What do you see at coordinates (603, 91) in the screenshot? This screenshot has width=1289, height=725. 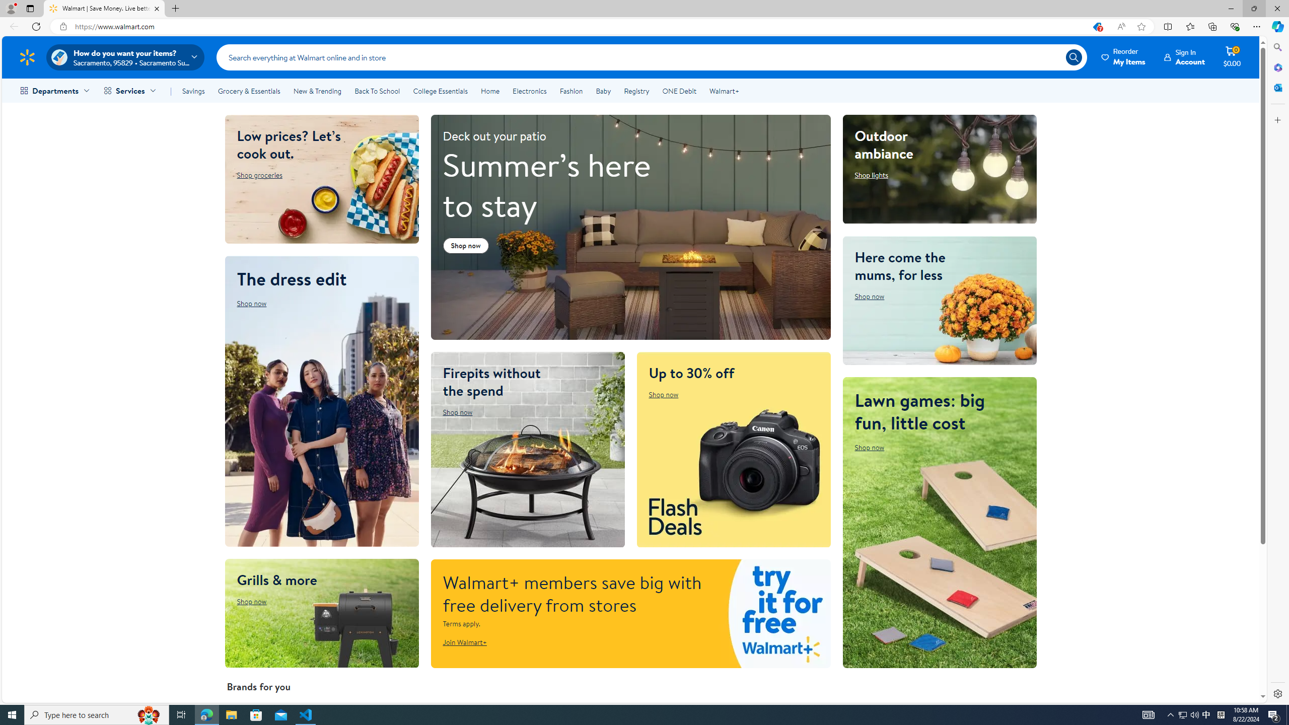 I see `'Baby'` at bounding box center [603, 91].